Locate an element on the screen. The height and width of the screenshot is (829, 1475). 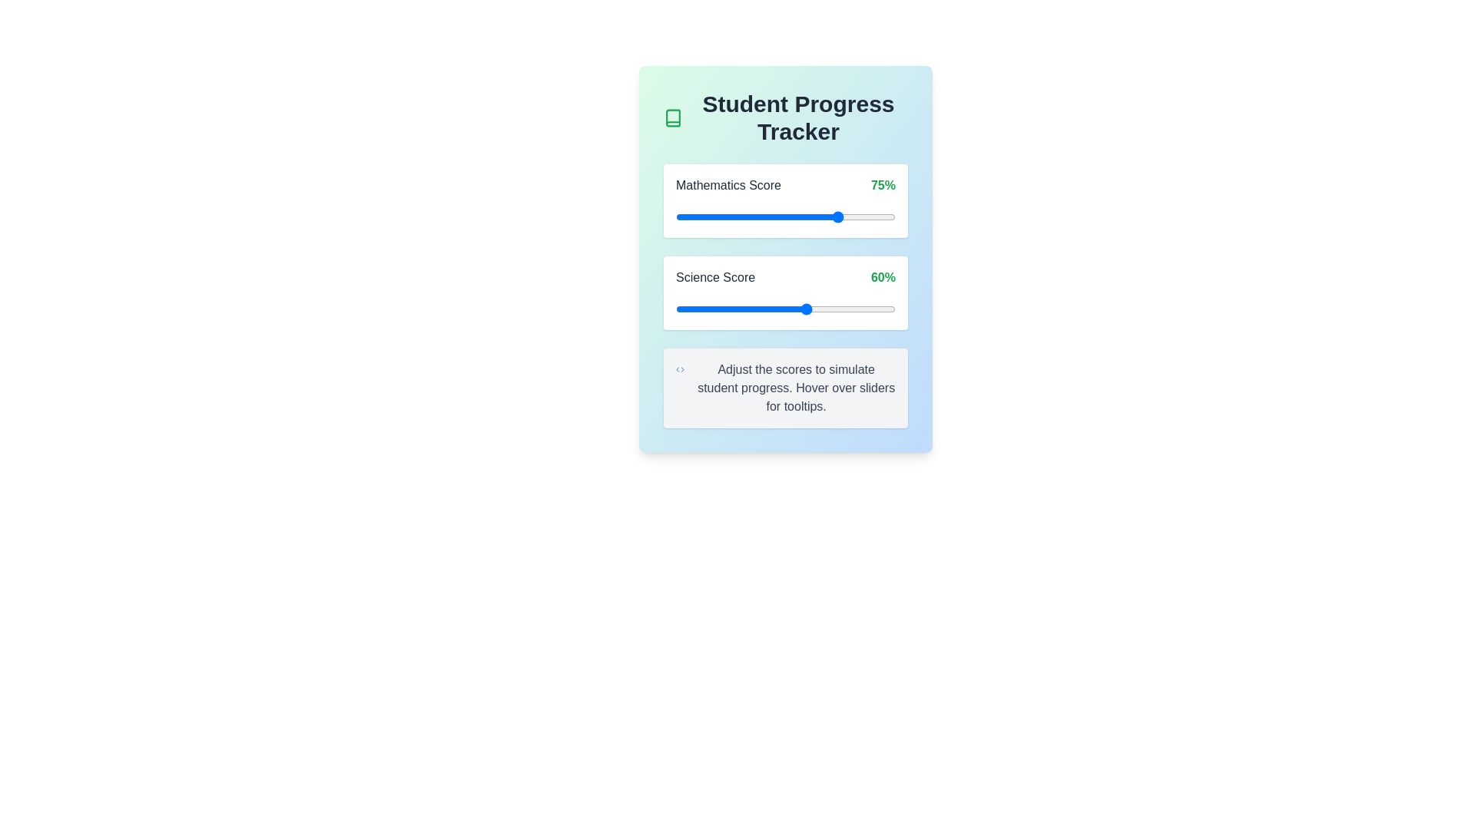
the Mathematics Score slider to 89% is located at coordinates (871, 216).